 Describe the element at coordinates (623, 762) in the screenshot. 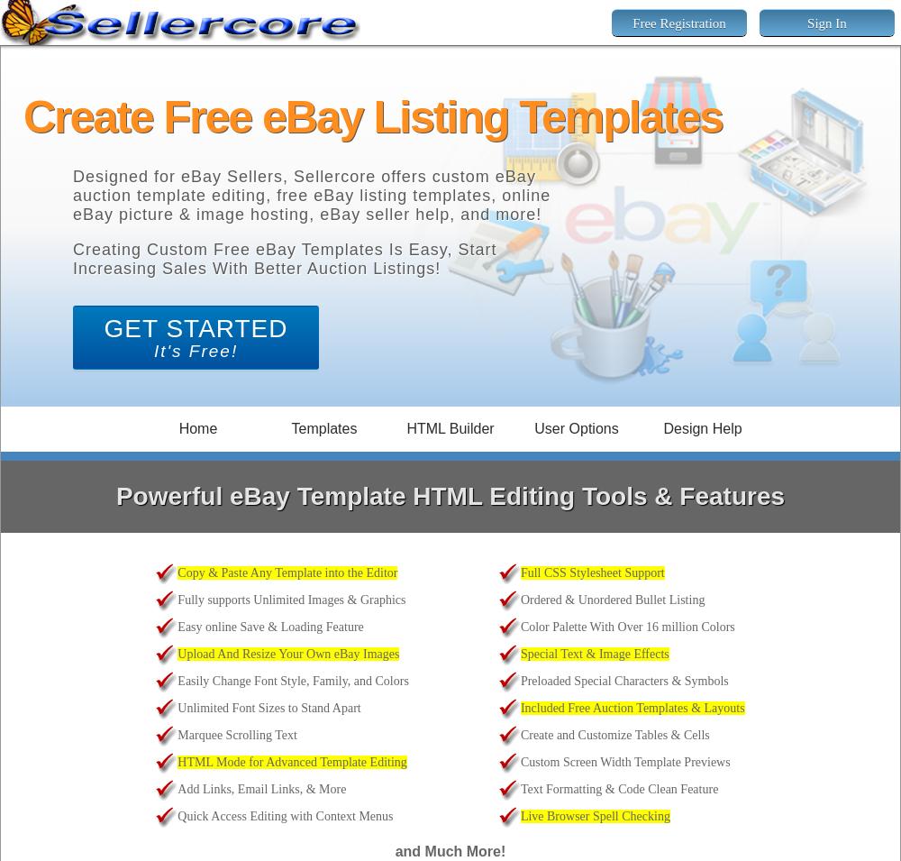

I see `'Custom Screen Width Template Previews'` at that location.